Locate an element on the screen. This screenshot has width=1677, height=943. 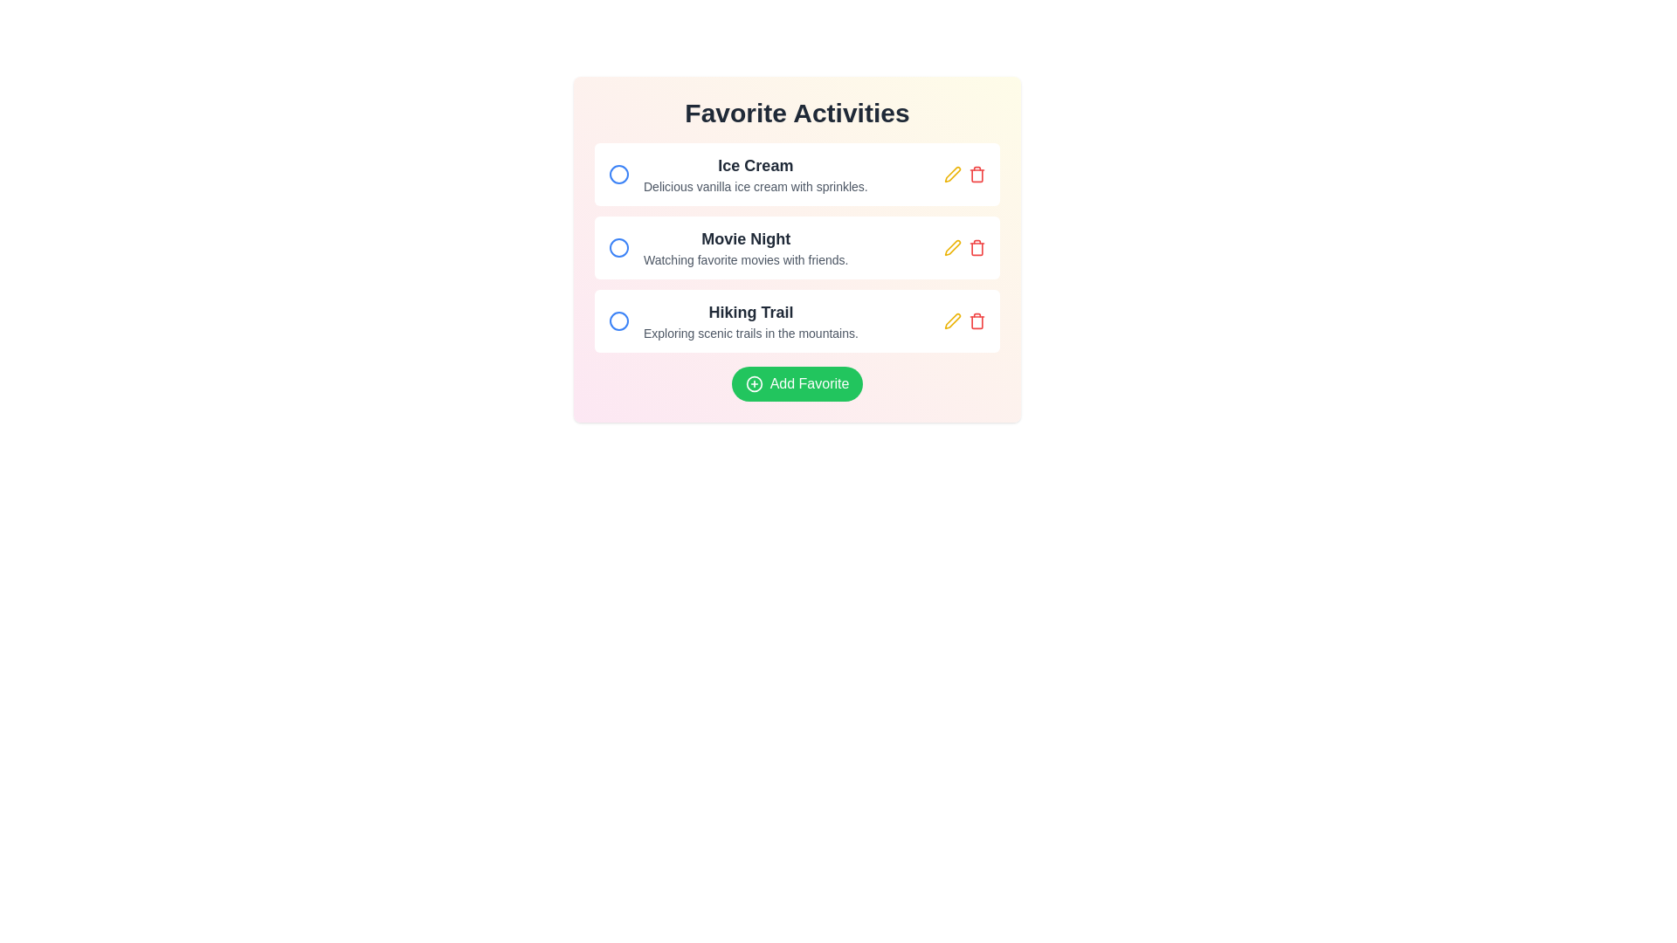
the 'Add to Favorites' button located at the bottom of the 'Favorite Activities' list is located at coordinates (796, 382).